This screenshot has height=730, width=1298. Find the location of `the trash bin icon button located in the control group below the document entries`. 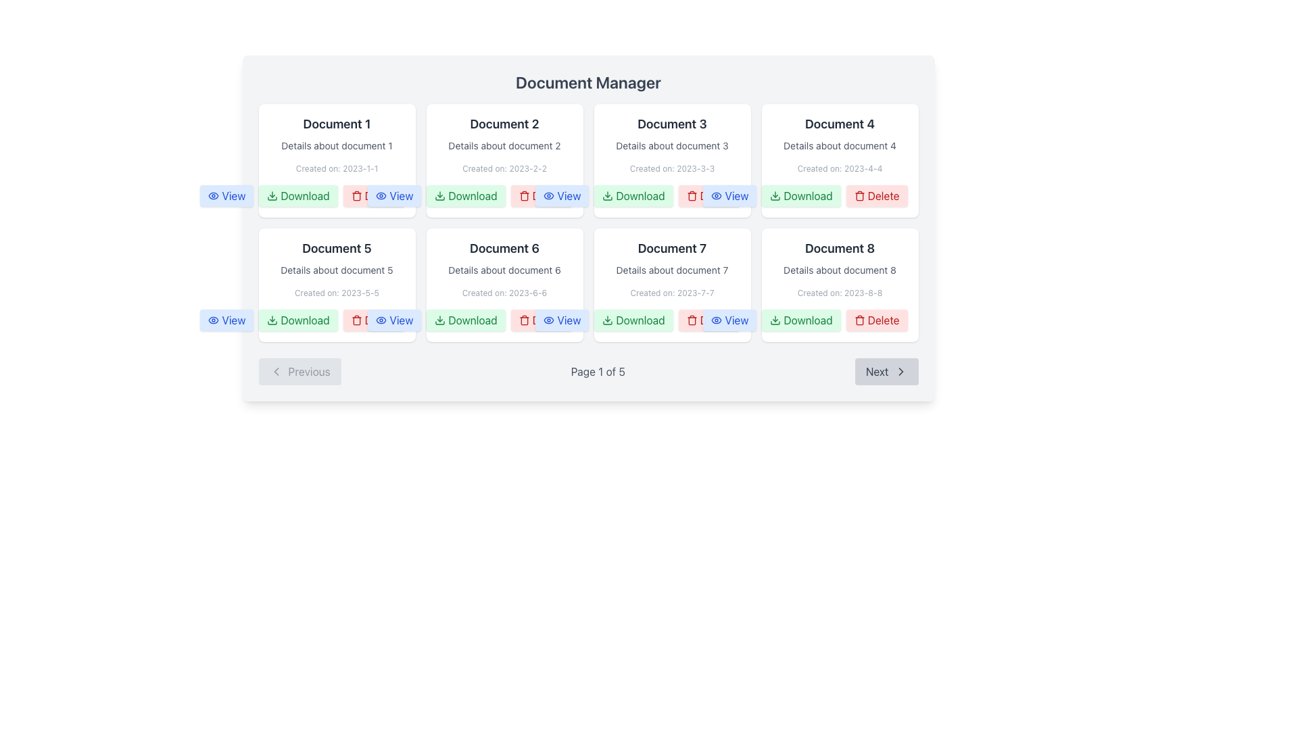

the trash bin icon button located in the control group below the document entries is located at coordinates (356, 197).